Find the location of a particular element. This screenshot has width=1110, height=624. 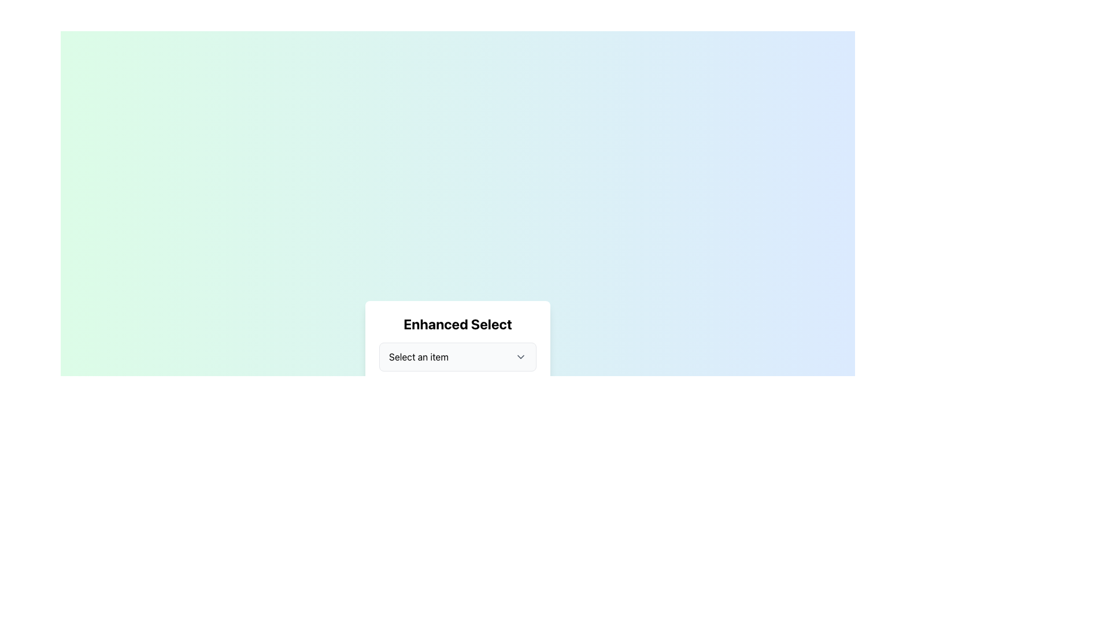

the chevron-down icon, which is styled with a gray stroke and located inside a white bordered box next to the text 'Select an item' is located at coordinates (520, 356).